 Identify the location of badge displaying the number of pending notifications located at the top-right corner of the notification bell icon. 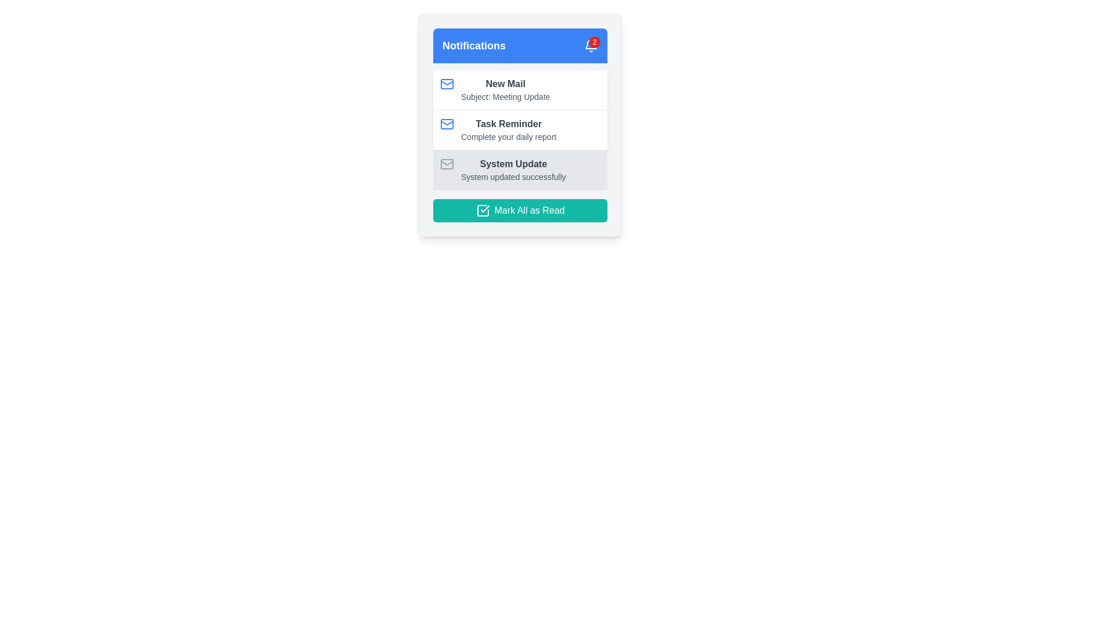
(594, 42).